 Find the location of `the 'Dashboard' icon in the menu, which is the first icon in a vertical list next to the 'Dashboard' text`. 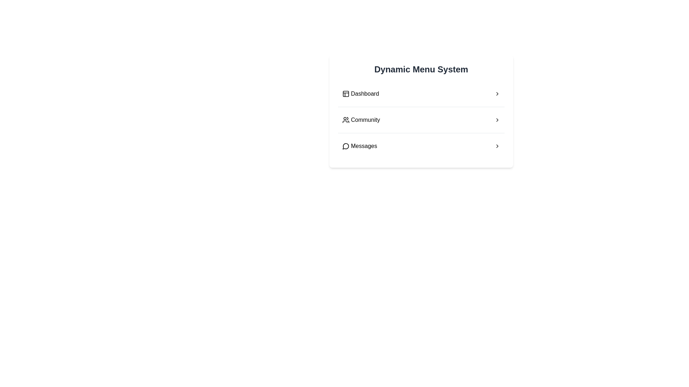

the 'Dashboard' icon in the menu, which is the first icon in a vertical list next to the 'Dashboard' text is located at coordinates (346, 94).